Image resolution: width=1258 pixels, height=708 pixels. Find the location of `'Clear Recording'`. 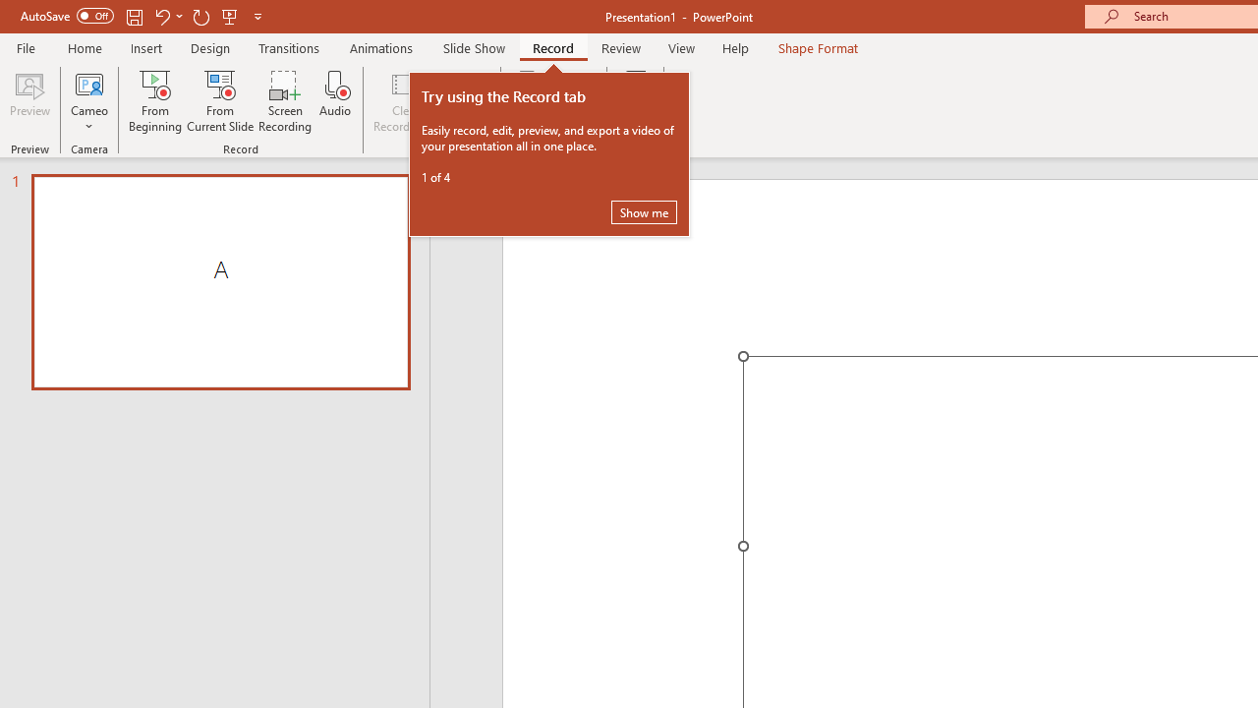

'Clear Recording' is located at coordinates (404, 101).